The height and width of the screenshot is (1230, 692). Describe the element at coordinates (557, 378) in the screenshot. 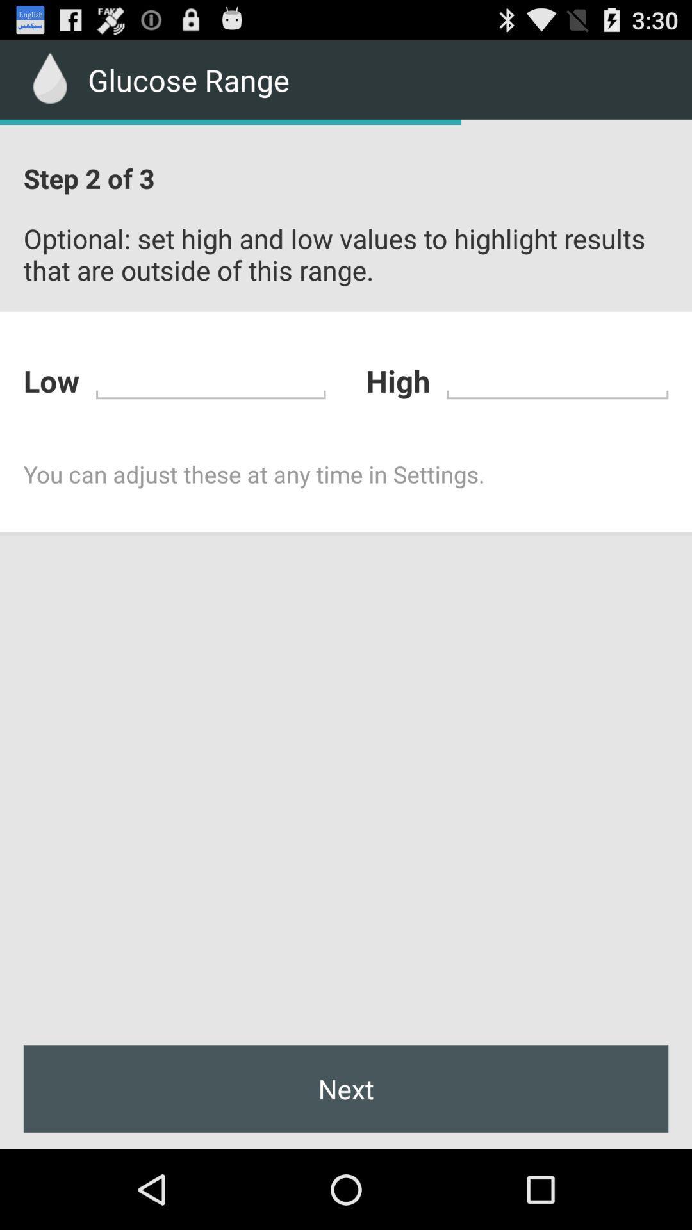

I see `high range of blood glucose` at that location.